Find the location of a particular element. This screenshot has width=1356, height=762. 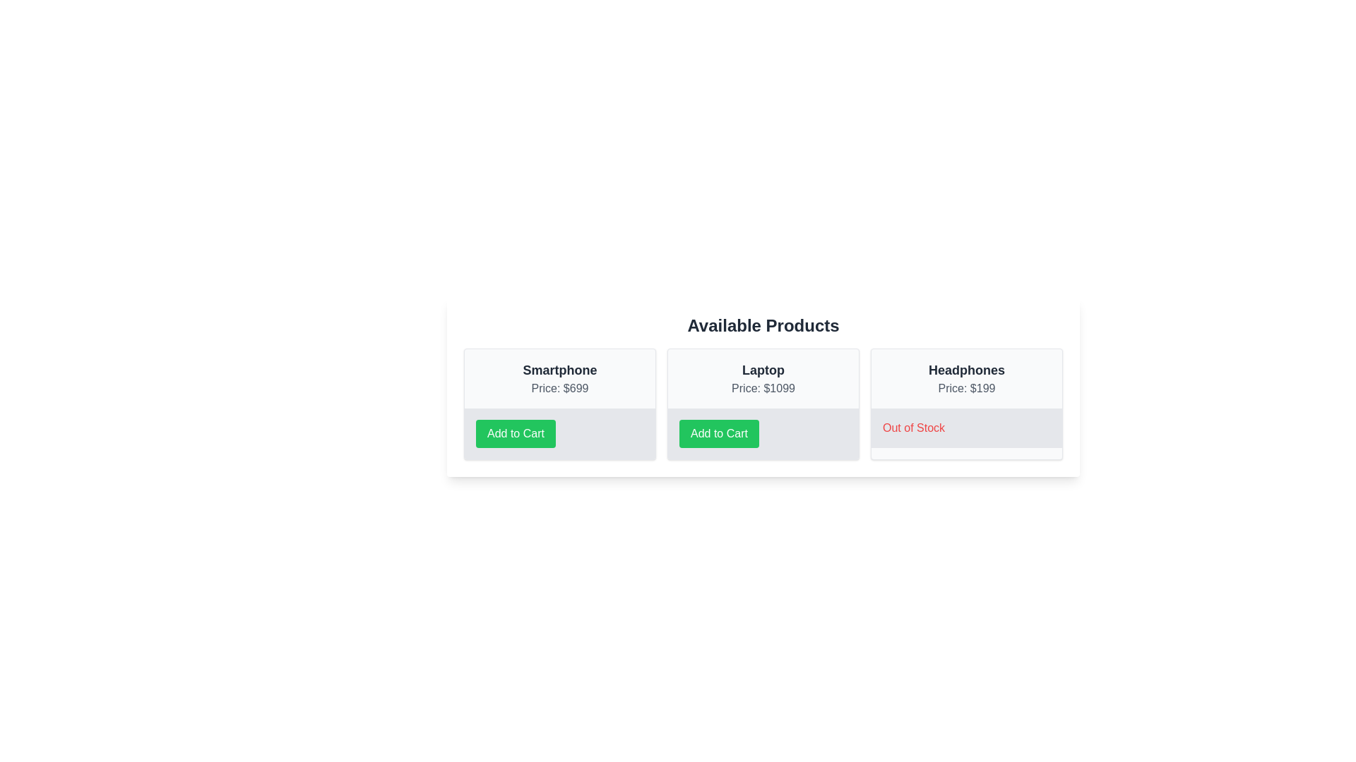

the heading labeled 'Available Products', which is styled with bold text and located at the top of the white rectangular section displaying products is located at coordinates (762, 326).